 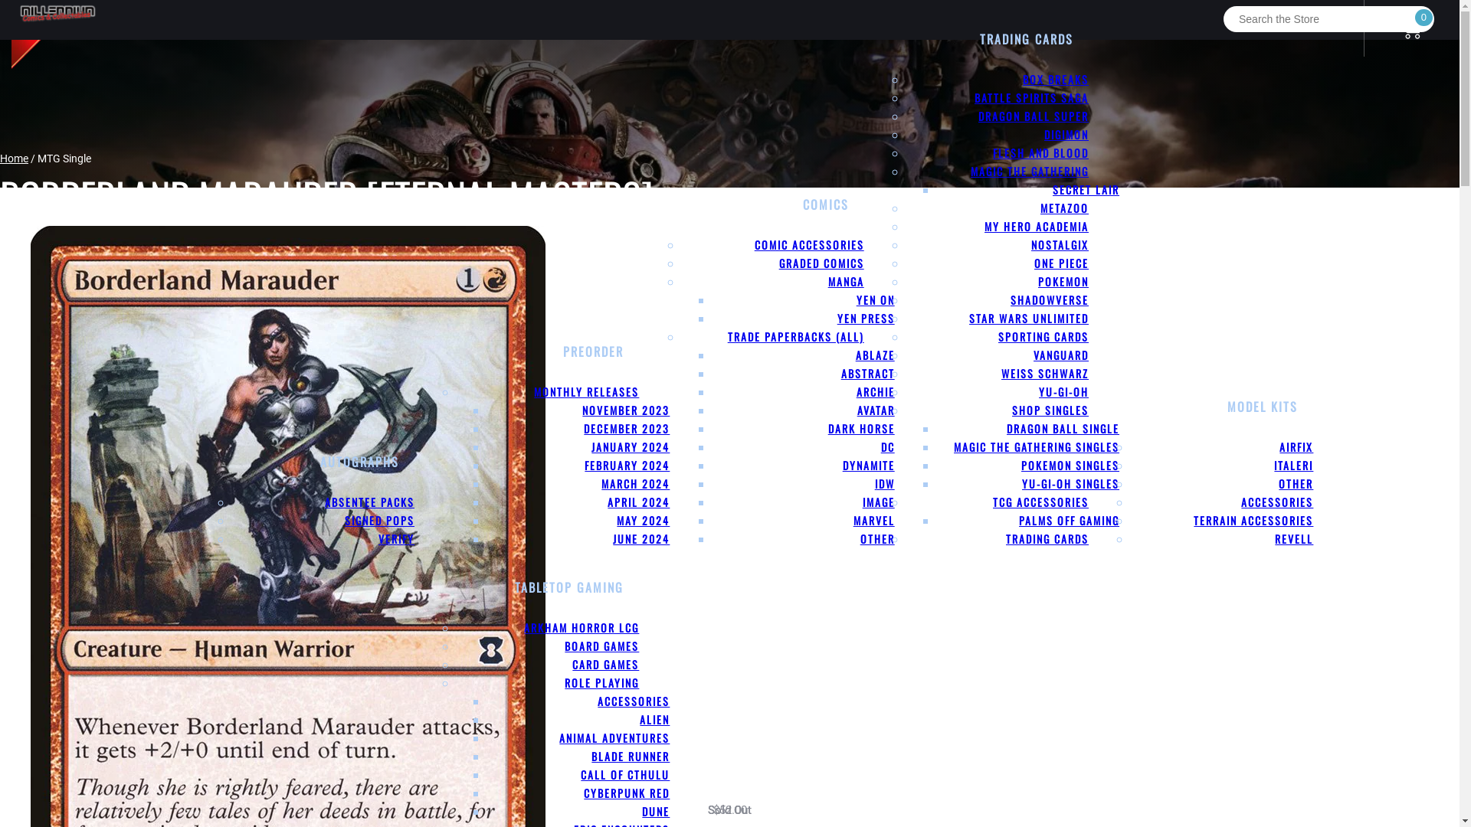 I want to click on 'DIGIMON', so click(x=1066, y=133).